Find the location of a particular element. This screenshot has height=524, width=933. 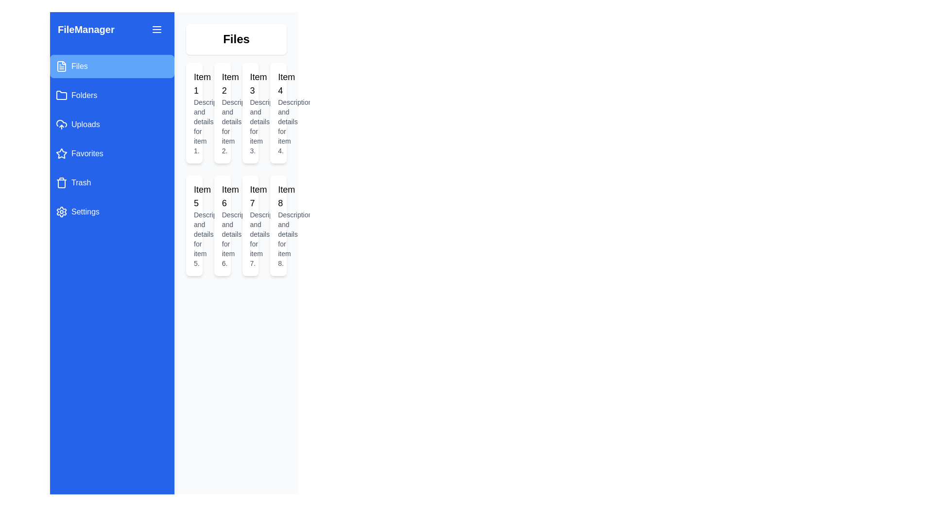

the text label 'Item 8' which is styled with a larger and bold font, located at the top of a card structure in the second column, third row of a grid is located at coordinates (278, 196).